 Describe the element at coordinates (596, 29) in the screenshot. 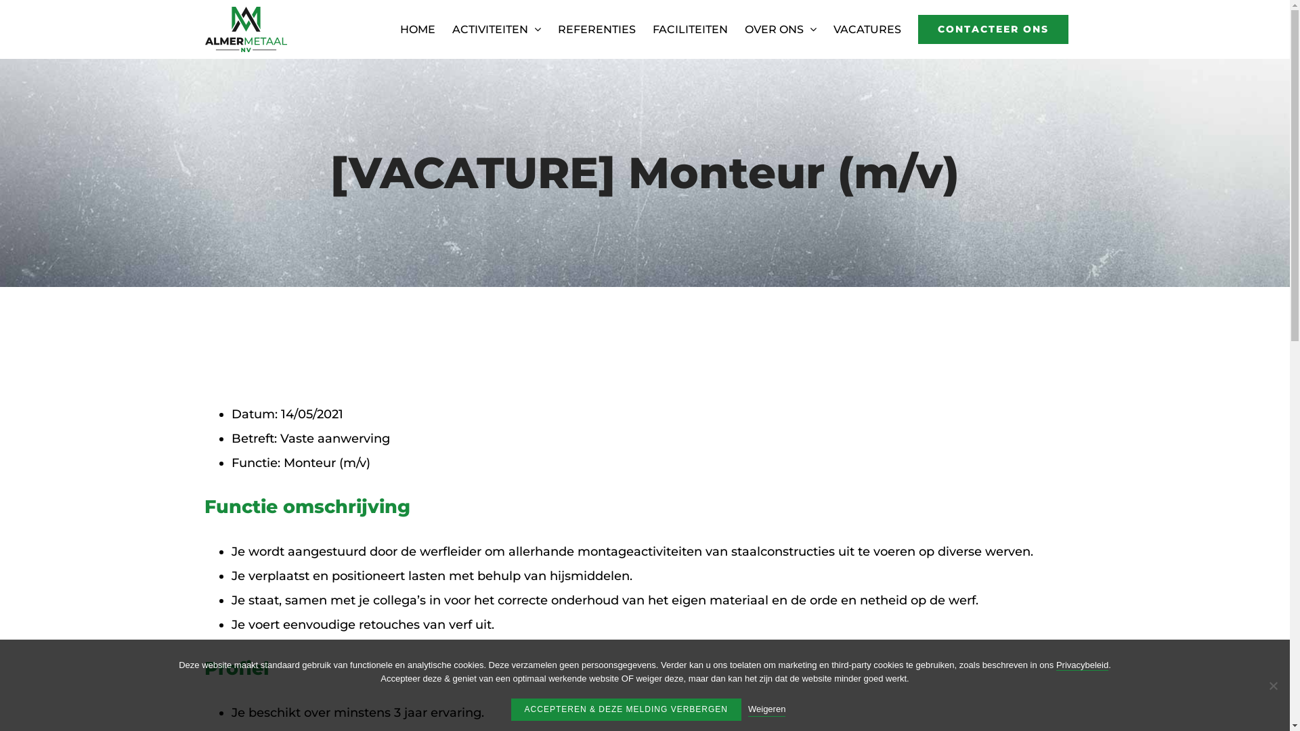

I see `'REFERENTIES'` at that location.